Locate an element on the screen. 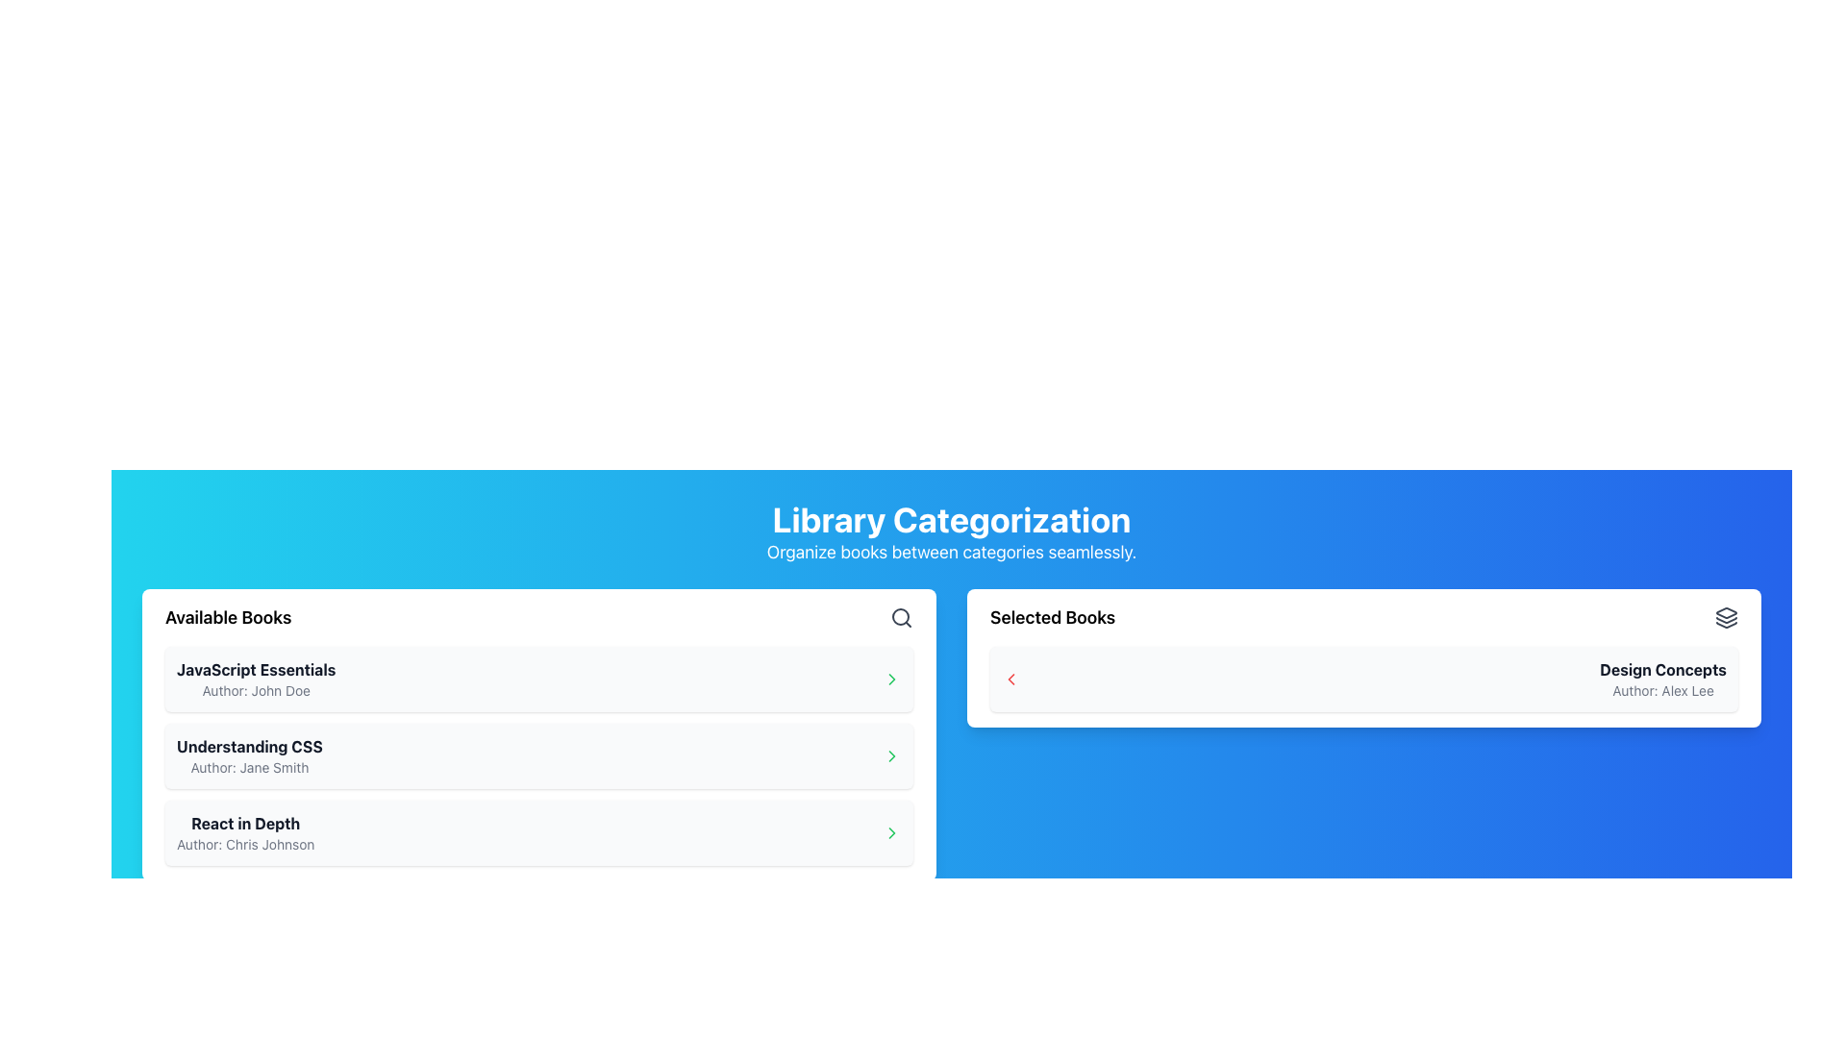 The image size is (1846, 1038). the Text Component titled 'Understanding CSS', which is the second item in the 'Available Books' section, located beneath 'JavaScript Essentials' and above 'React in Depth' is located at coordinates (248, 754).